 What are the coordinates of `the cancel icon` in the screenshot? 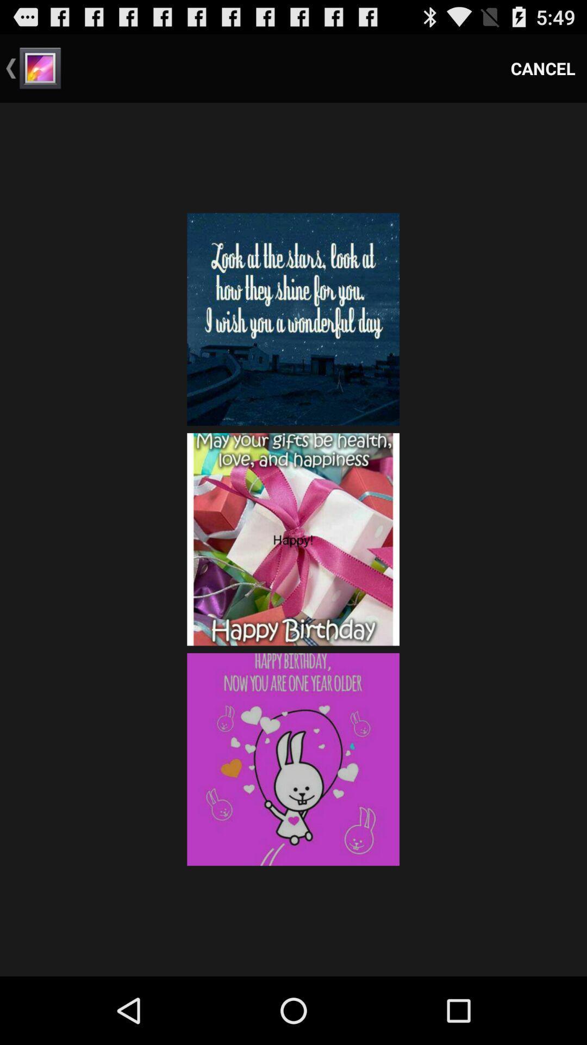 It's located at (543, 67).